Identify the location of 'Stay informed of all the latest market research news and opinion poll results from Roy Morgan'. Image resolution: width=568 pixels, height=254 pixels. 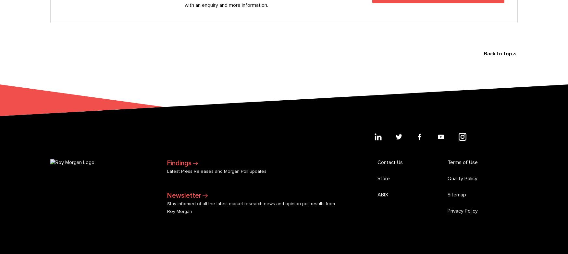
(167, 98).